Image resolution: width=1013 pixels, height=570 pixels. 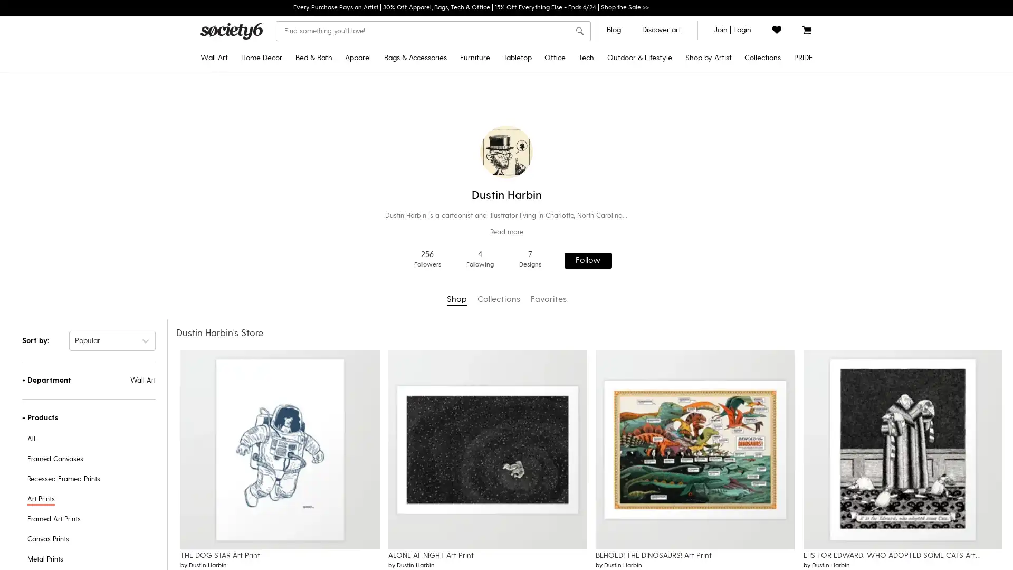 I want to click on Wood Wall Art, so click(x=248, y=254).